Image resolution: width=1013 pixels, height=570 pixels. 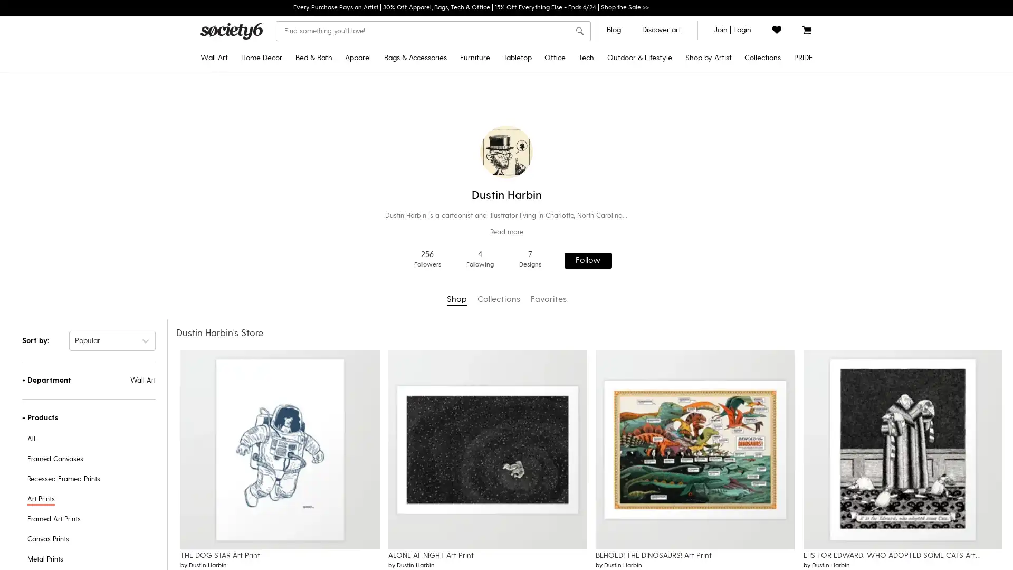 I want to click on Wood Wall Art, so click(x=248, y=254).